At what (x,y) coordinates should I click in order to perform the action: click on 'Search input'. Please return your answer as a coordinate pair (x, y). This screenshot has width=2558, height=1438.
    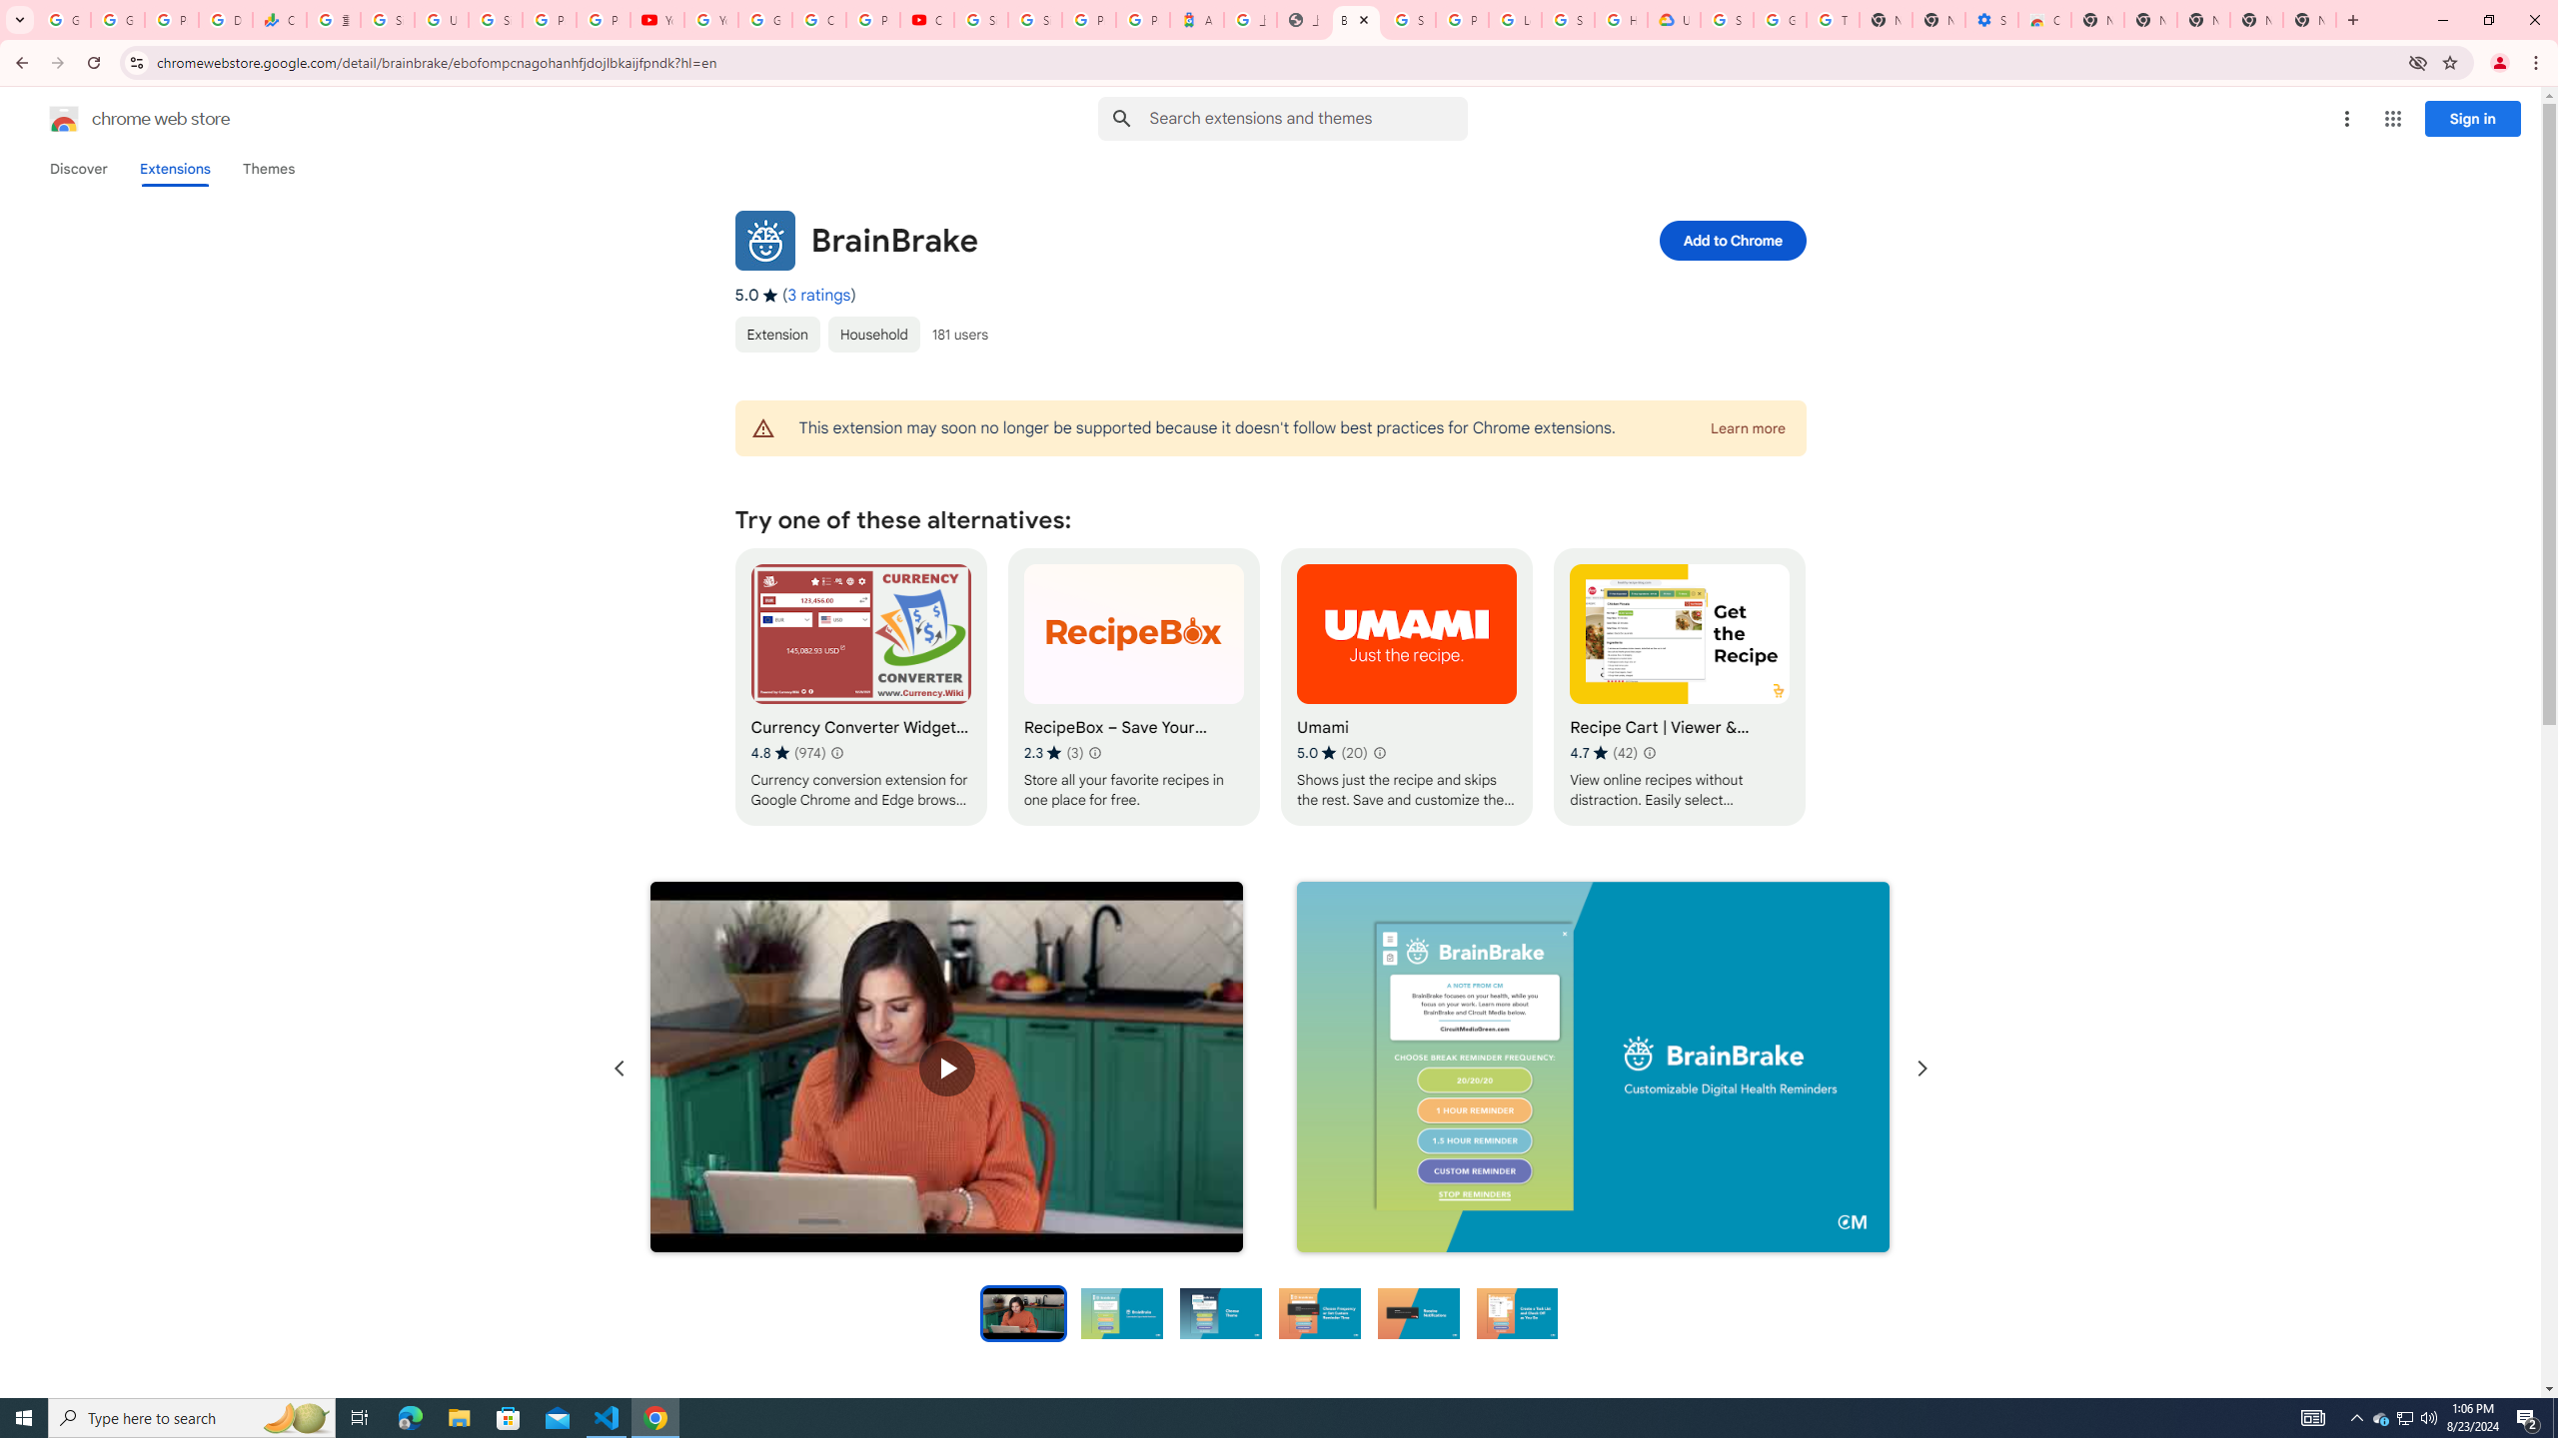
    Looking at the image, I should click on (1307, 118).